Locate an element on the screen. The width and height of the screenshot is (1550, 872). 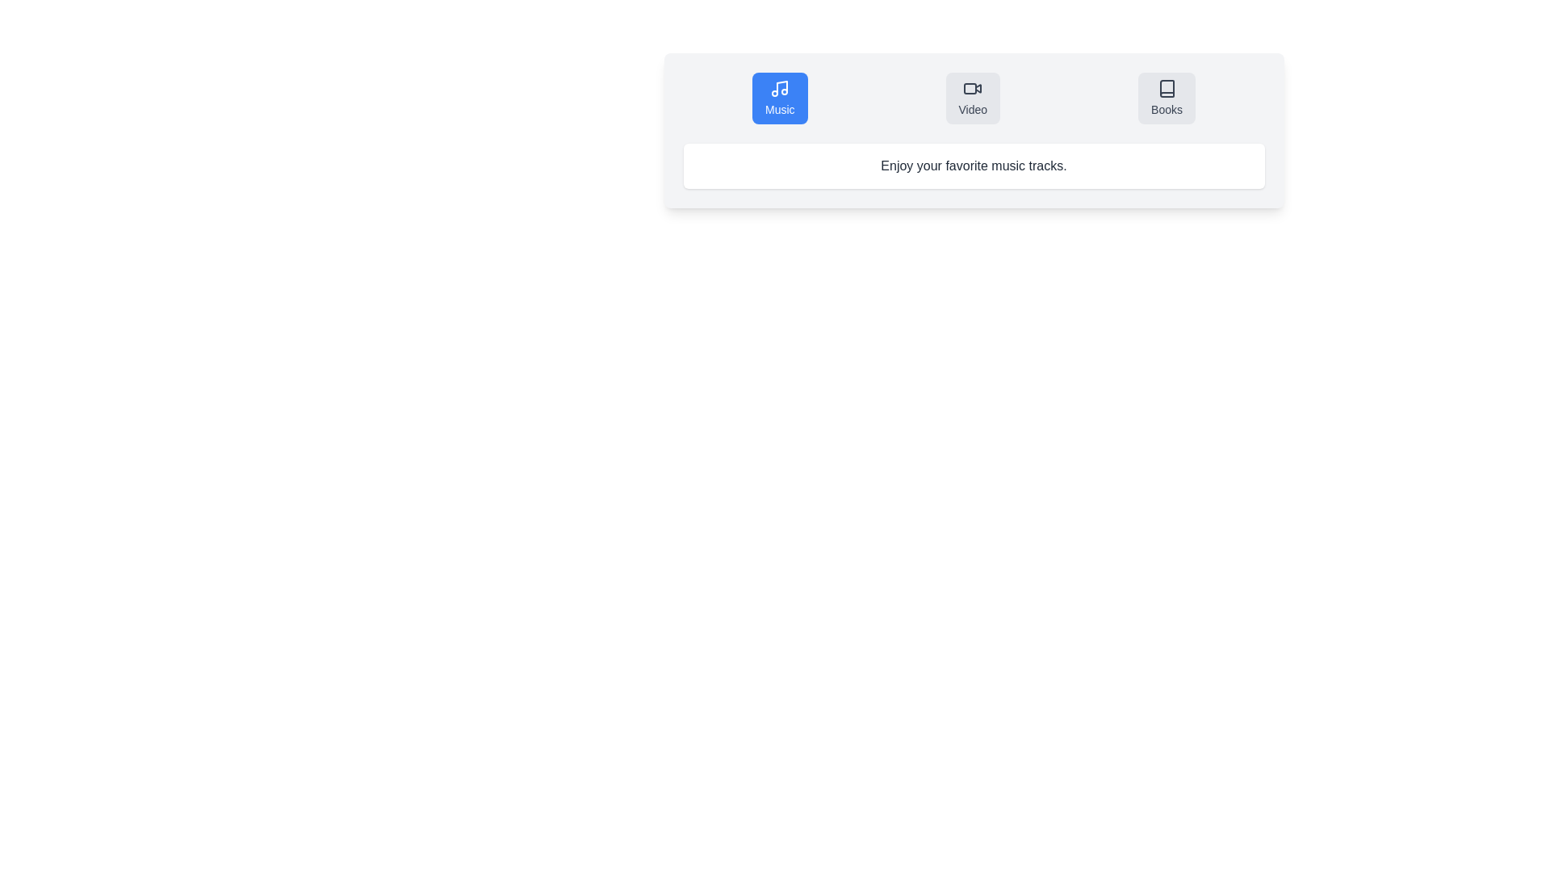
the rightmost icon labeled 'Books' in the upper center of the interface, which serves as a visual indicator for the 'Books' category is located at coordinates (1167, 89).